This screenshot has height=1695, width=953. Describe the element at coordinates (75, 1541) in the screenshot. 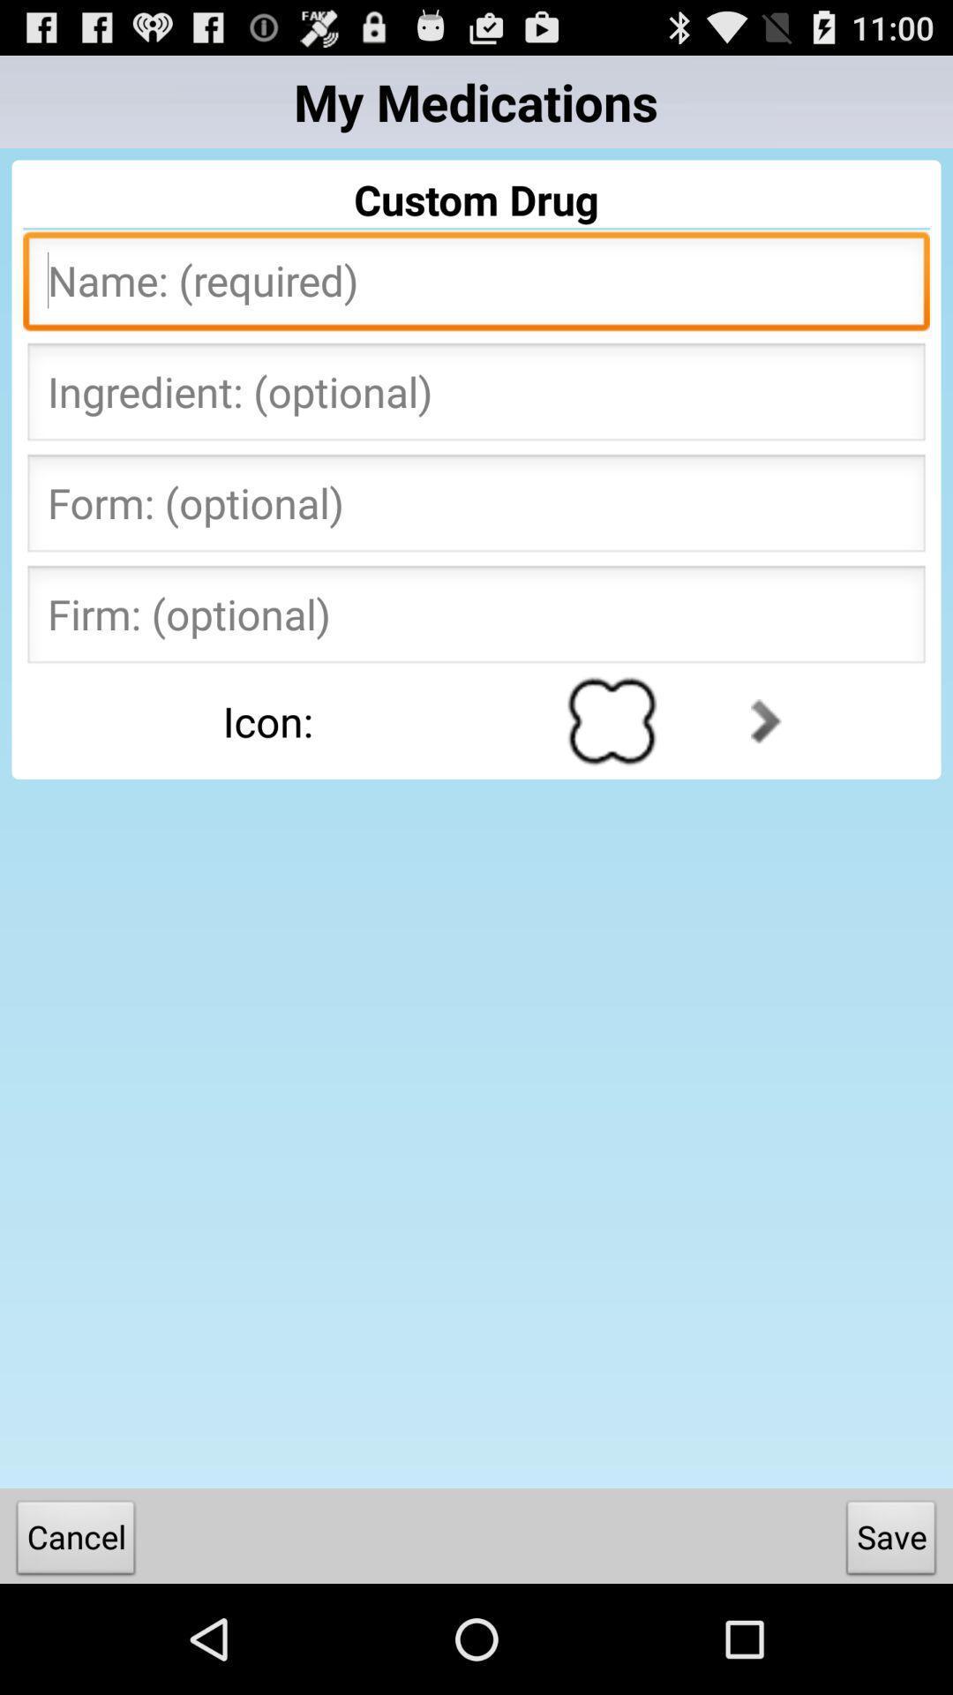

I see `cancel` at that location.